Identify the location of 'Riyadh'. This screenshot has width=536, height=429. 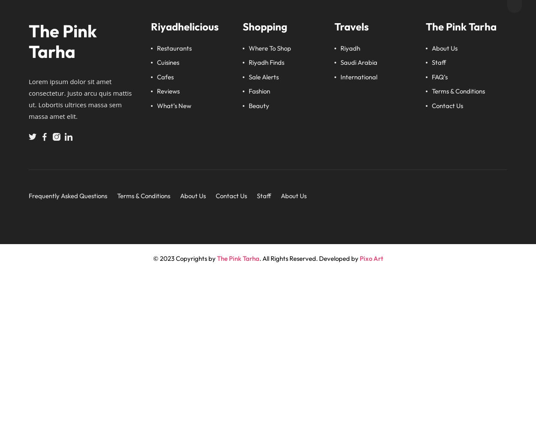
(349, 47).